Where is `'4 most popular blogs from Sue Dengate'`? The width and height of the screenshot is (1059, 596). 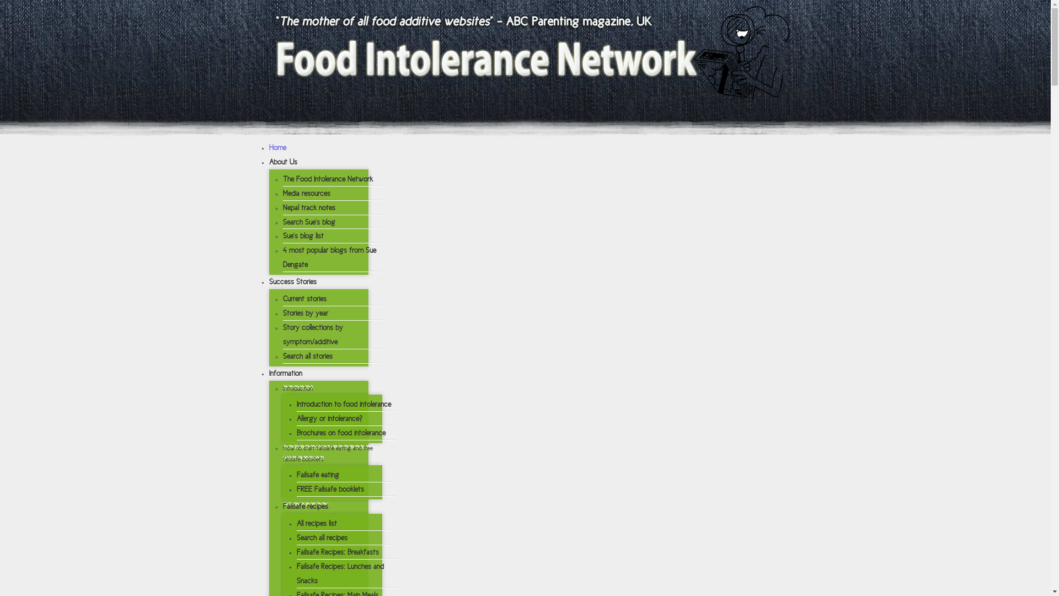 '4 most popular blogs from Sue Dengate' is located at coordinates (282, 257).